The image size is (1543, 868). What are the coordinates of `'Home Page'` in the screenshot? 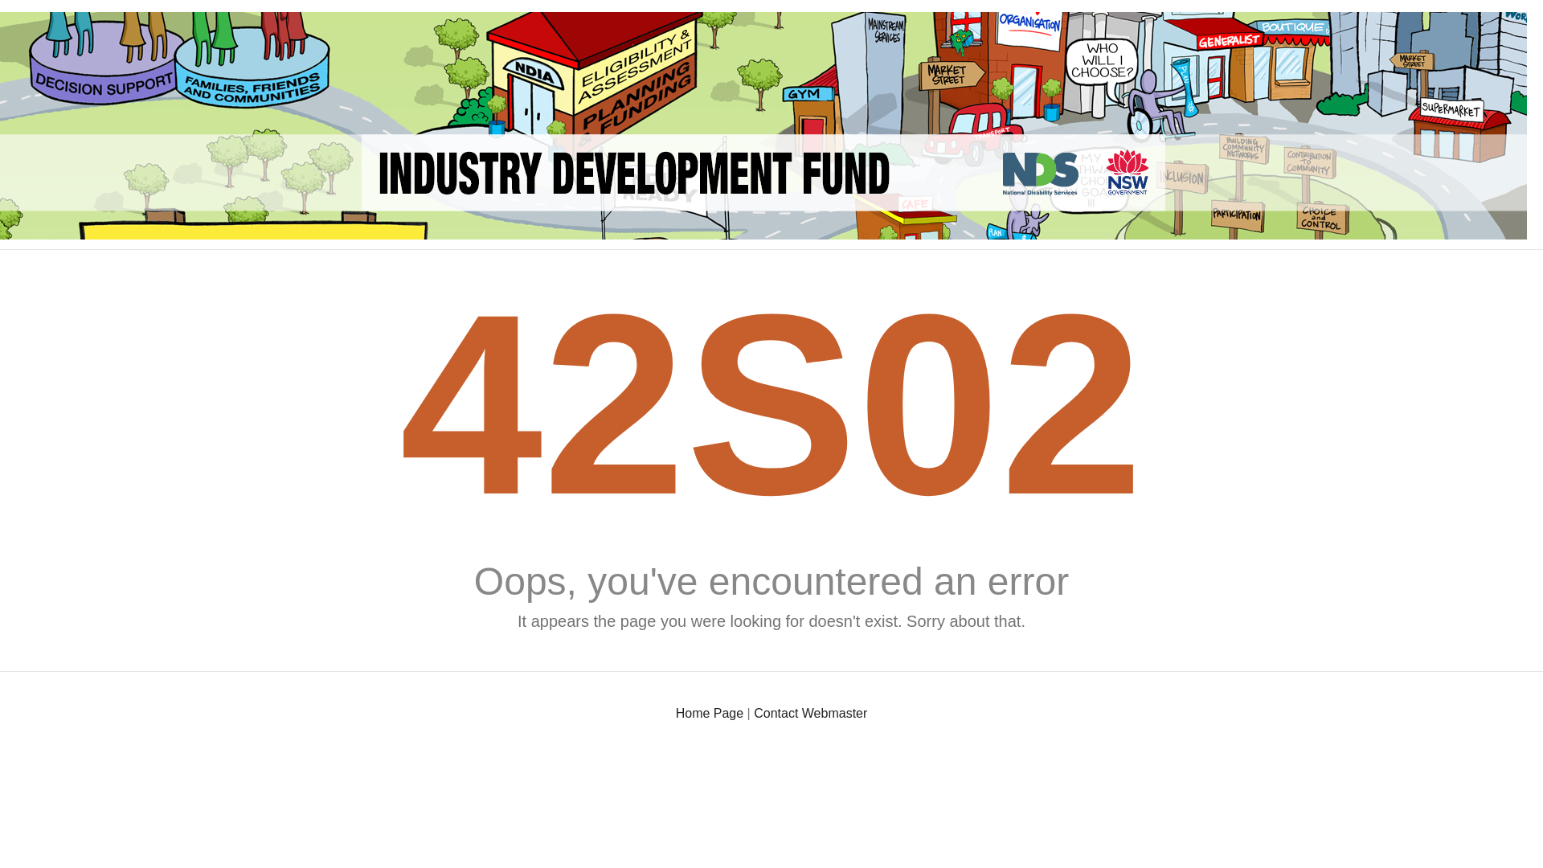 It's located at (675, 712).